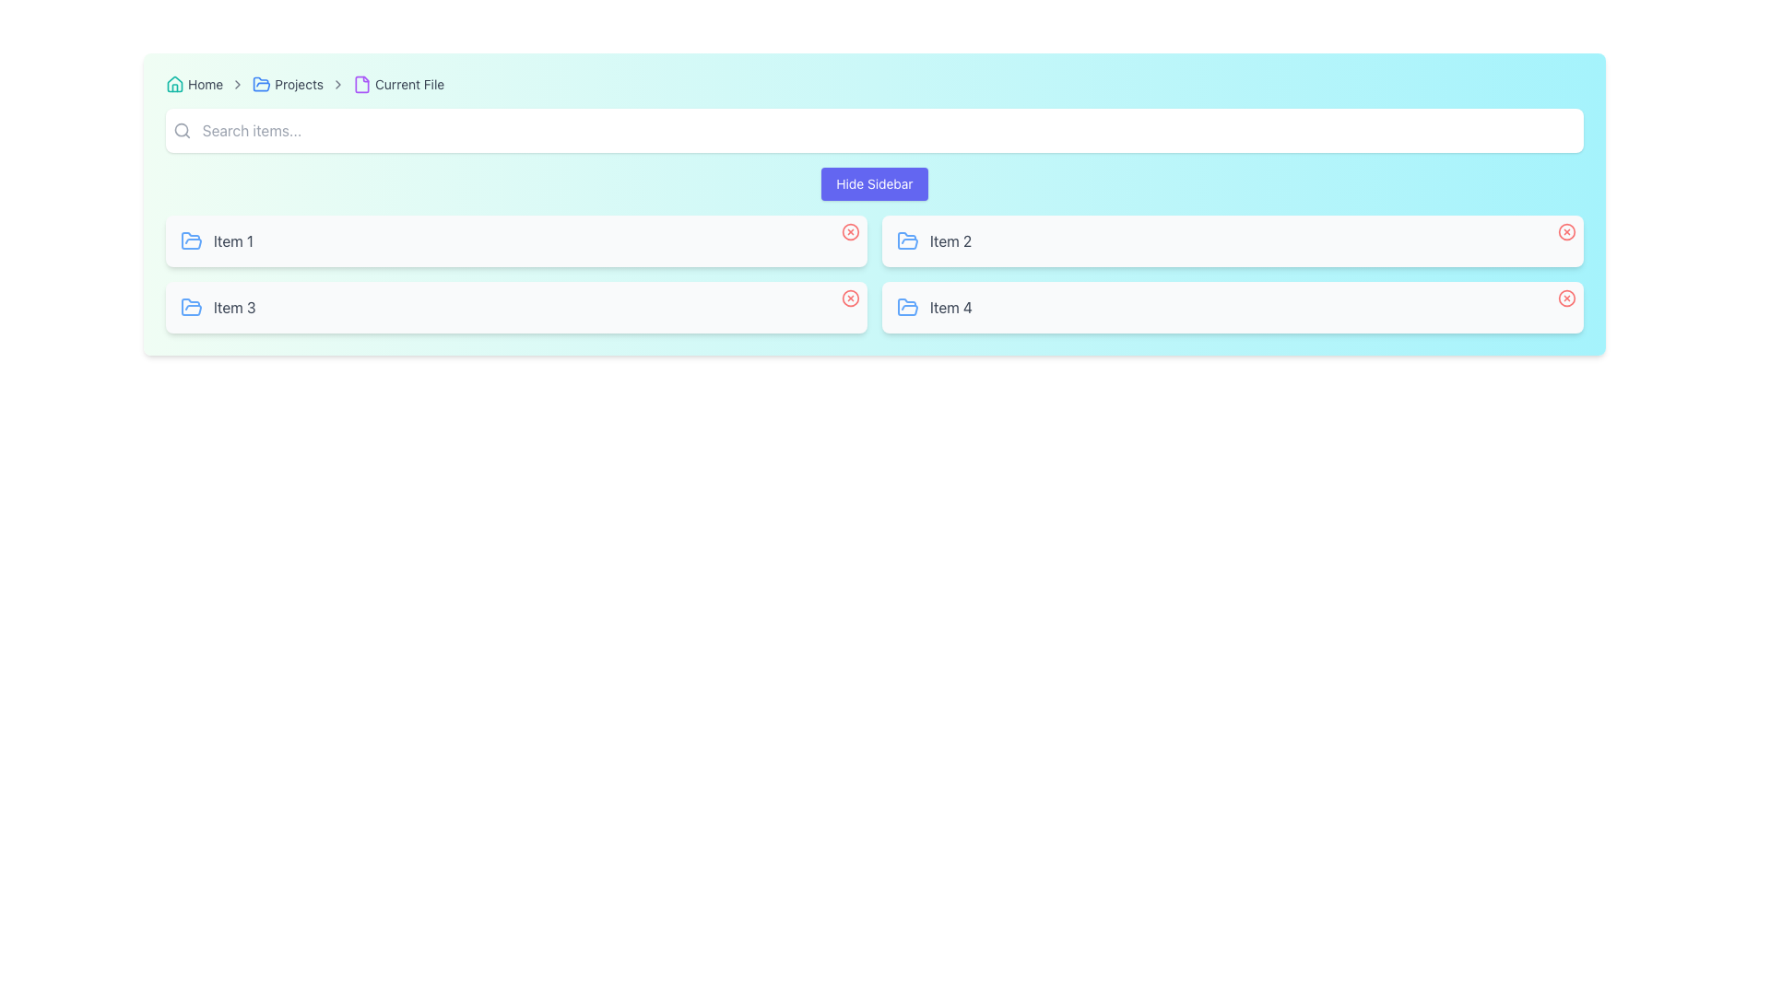  I want to click on the chevron-shaped icon pointing to the right in the breadcrumb navigation bar, located between the 'Home' and 'Projects' links, so click(237, 85).